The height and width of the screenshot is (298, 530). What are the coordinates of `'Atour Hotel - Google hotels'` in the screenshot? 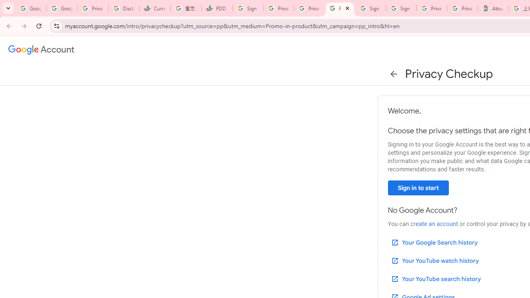 It's located at (493, 8).